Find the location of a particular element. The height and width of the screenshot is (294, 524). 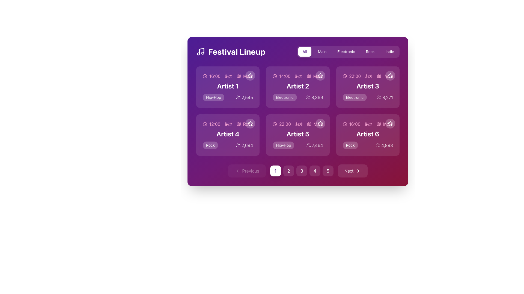

the star icon in the 'Festival Lineup' section for 'Artist 3' is located at coordinates (390, 75).